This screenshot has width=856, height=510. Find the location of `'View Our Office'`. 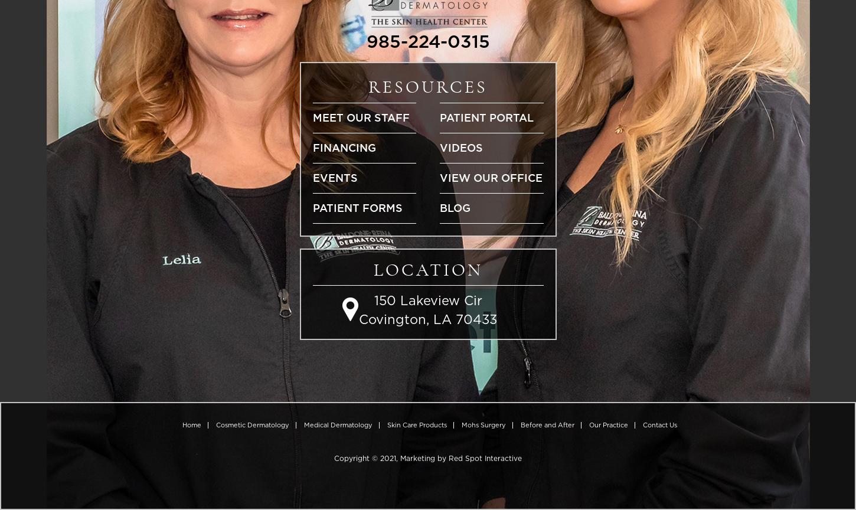

'View Our Office' is located at coordinates (491, 177).